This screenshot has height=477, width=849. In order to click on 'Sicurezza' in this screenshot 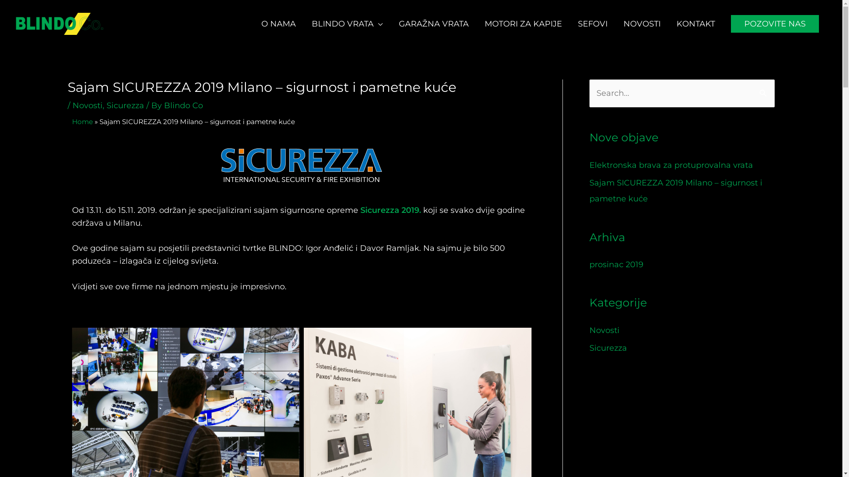, I will do `click(124, 105)`.